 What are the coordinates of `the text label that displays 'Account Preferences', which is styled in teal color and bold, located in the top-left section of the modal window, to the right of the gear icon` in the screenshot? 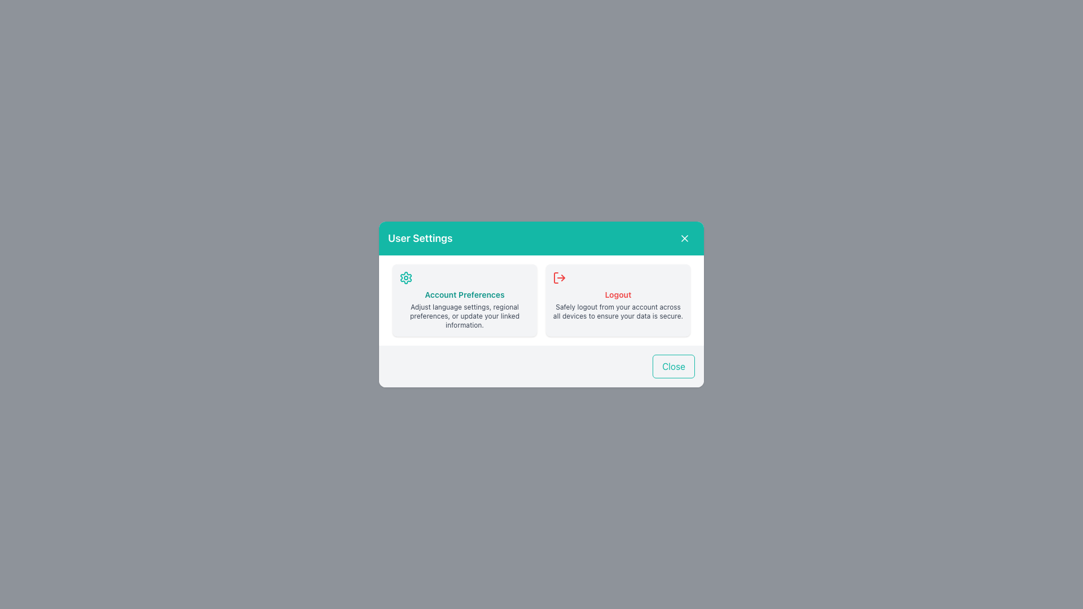 It's located at (465, 294).